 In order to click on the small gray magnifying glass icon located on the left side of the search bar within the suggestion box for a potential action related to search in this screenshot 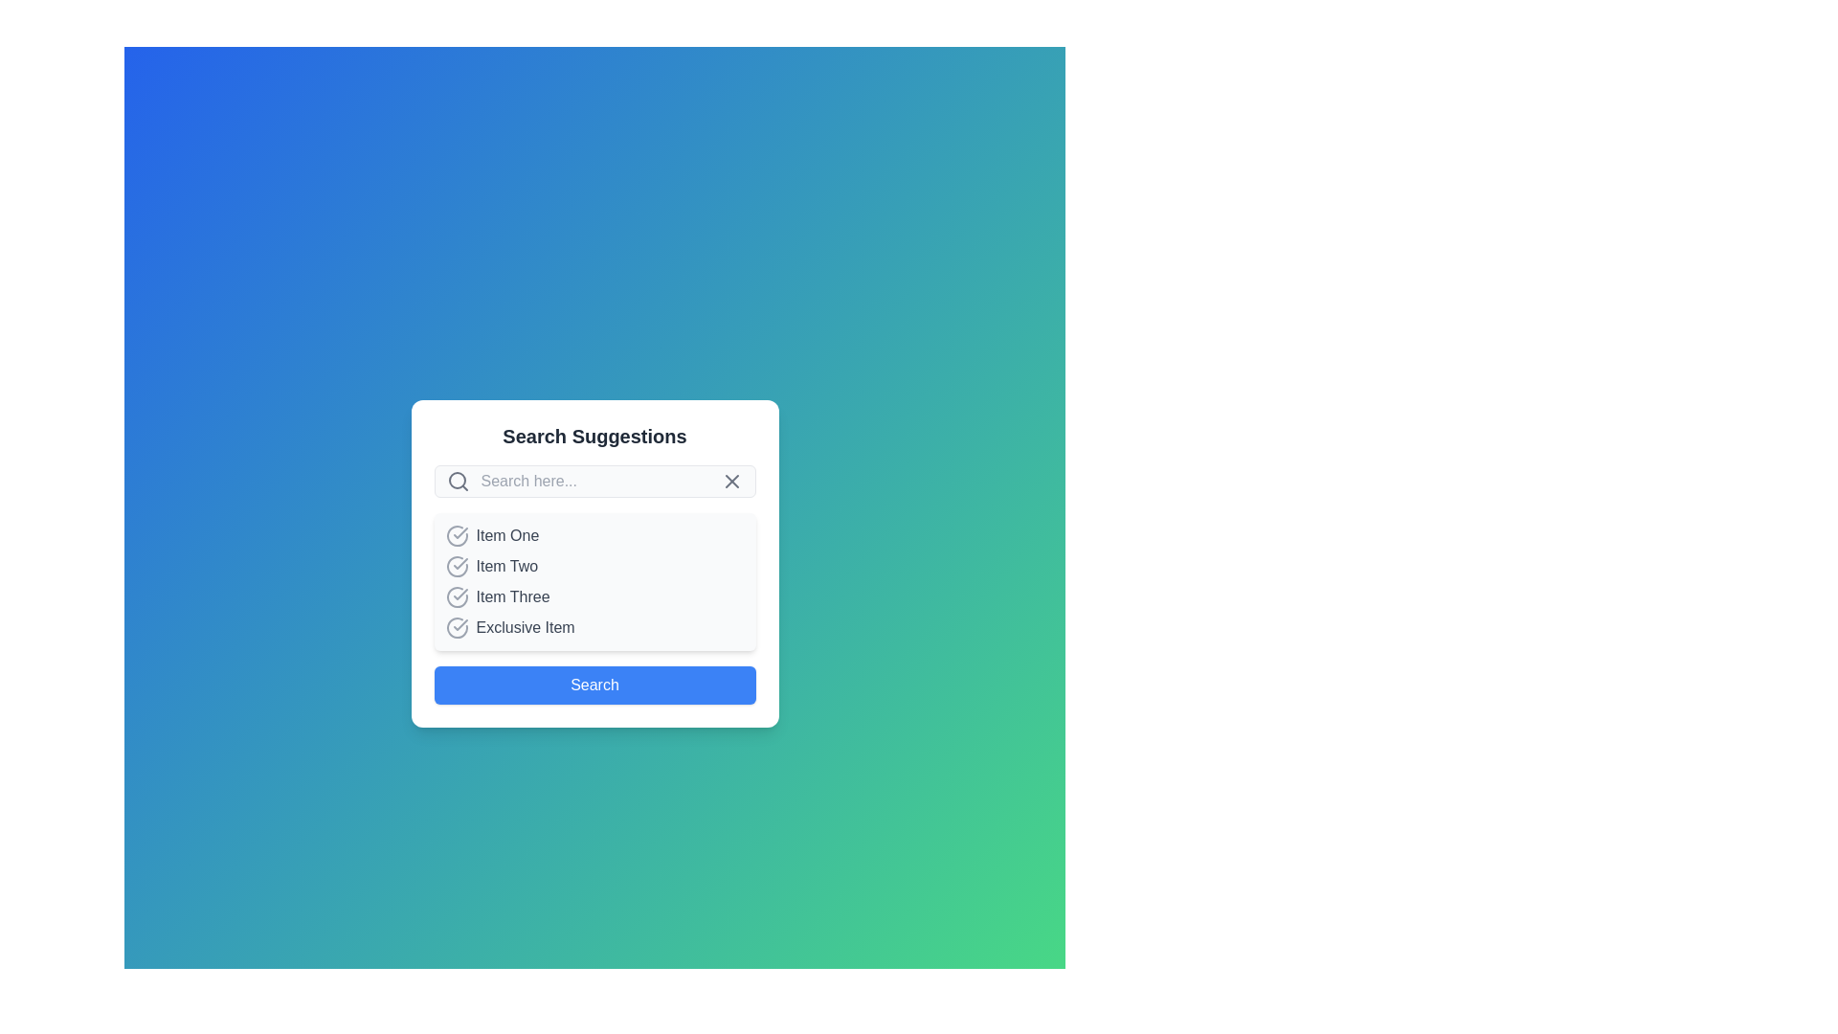, I will do `click(457, 480)`.